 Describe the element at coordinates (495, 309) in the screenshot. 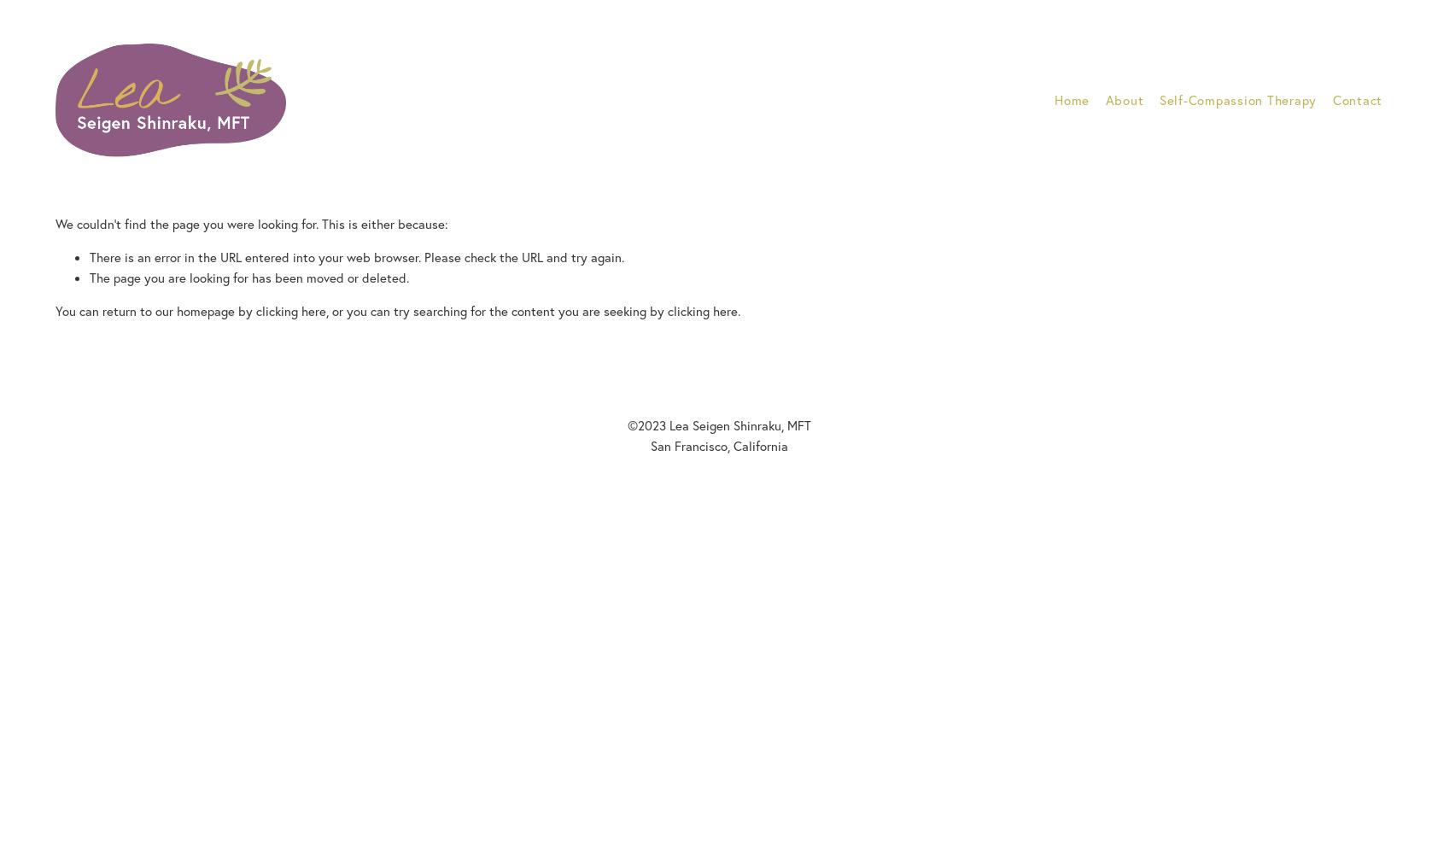

I see `', or you can try searching for the
  content you are seeking by'` at that location.